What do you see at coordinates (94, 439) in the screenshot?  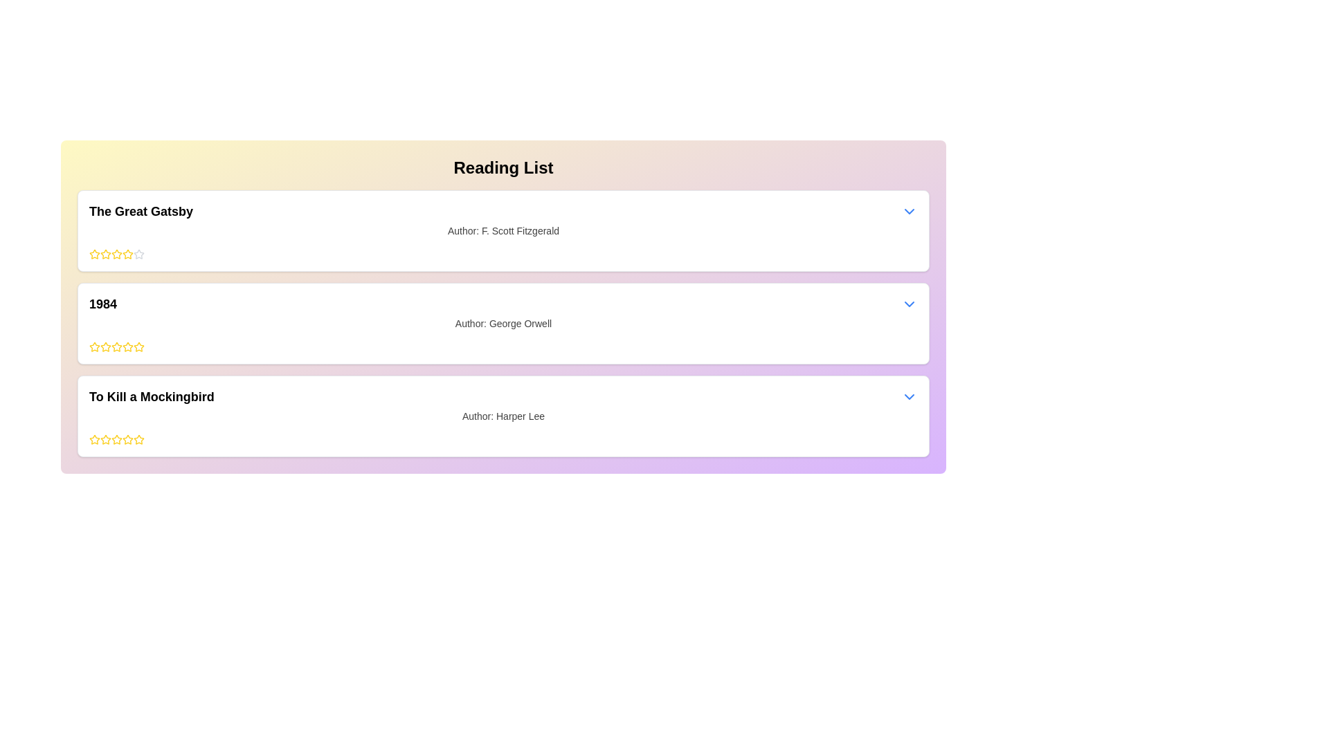 I see `the yellow star-shaped icon representing one point of the rating system located under the title 'To Kill a Mockingbird'` at bounding box center [94, 439].